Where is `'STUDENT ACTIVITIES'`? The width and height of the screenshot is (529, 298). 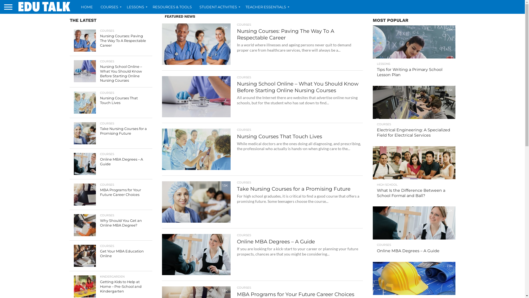 'STUDENT ACTIVITIES' is located at coordinates (218, 7).